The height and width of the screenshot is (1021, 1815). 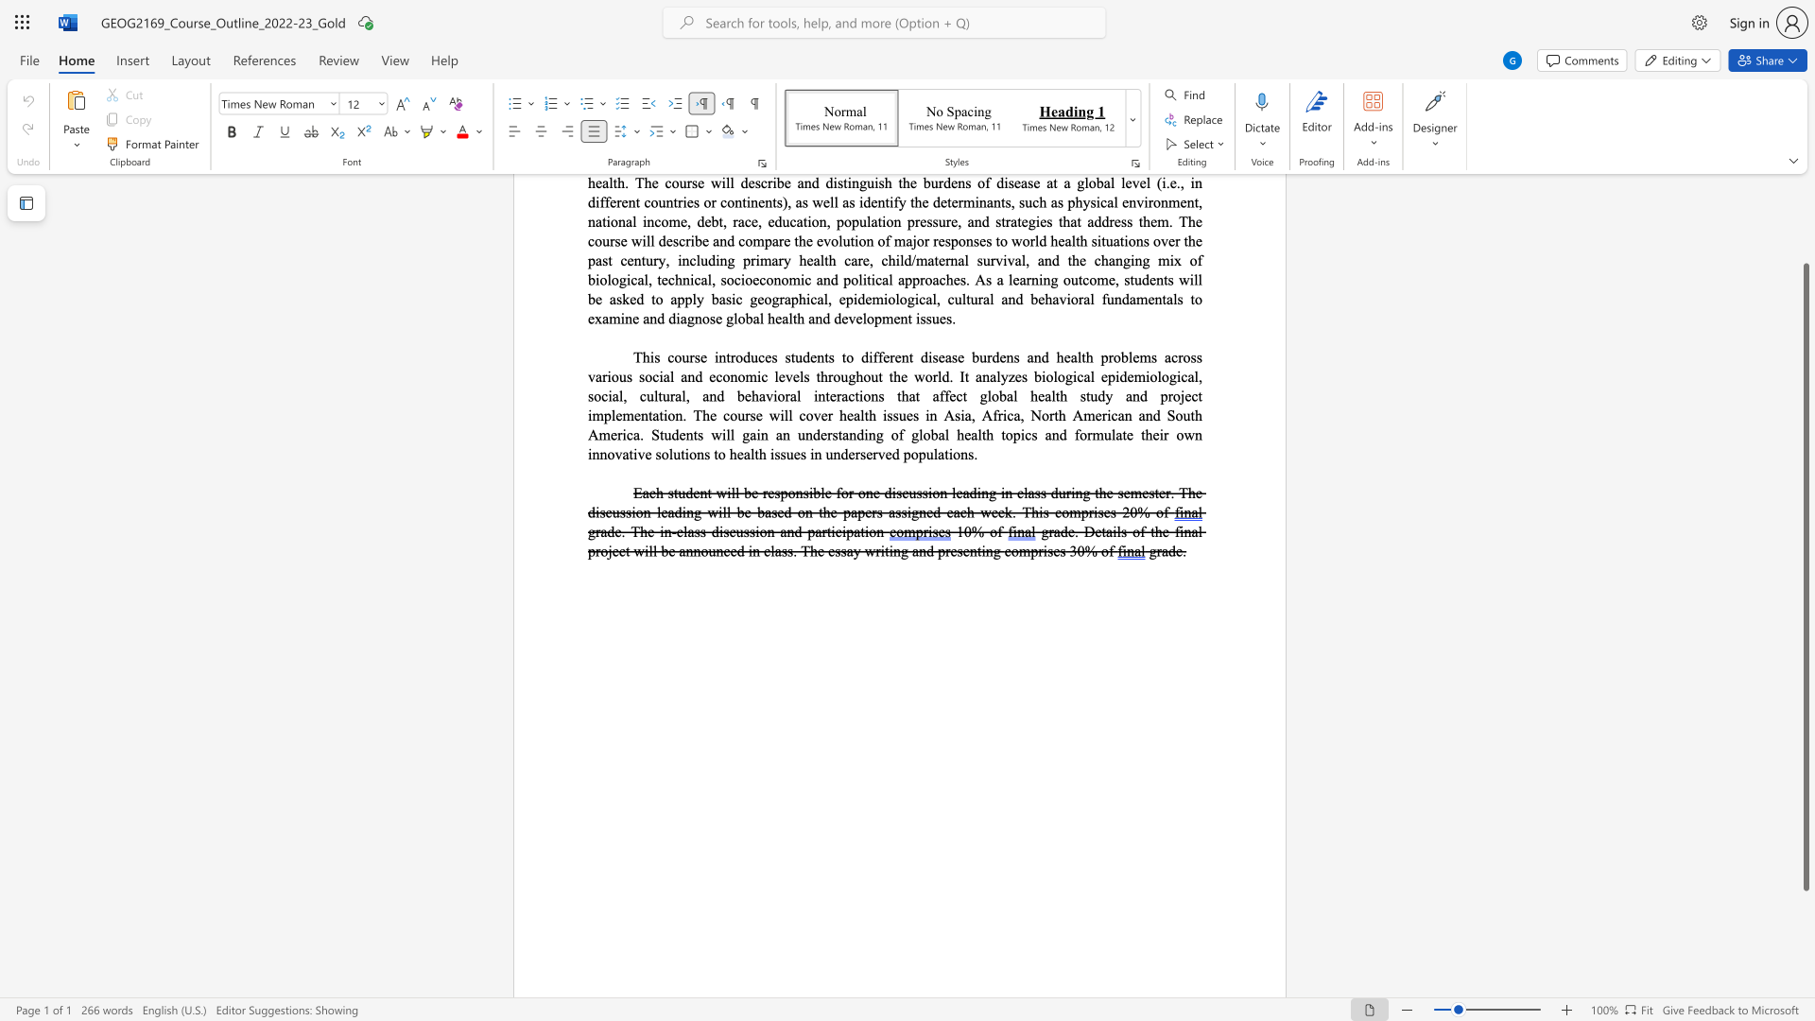 What do you see at coordinates (1805, 225) in the screenshot?
I see `the page's right scrollbar for upward movement` at bounding box center [1805, 225].